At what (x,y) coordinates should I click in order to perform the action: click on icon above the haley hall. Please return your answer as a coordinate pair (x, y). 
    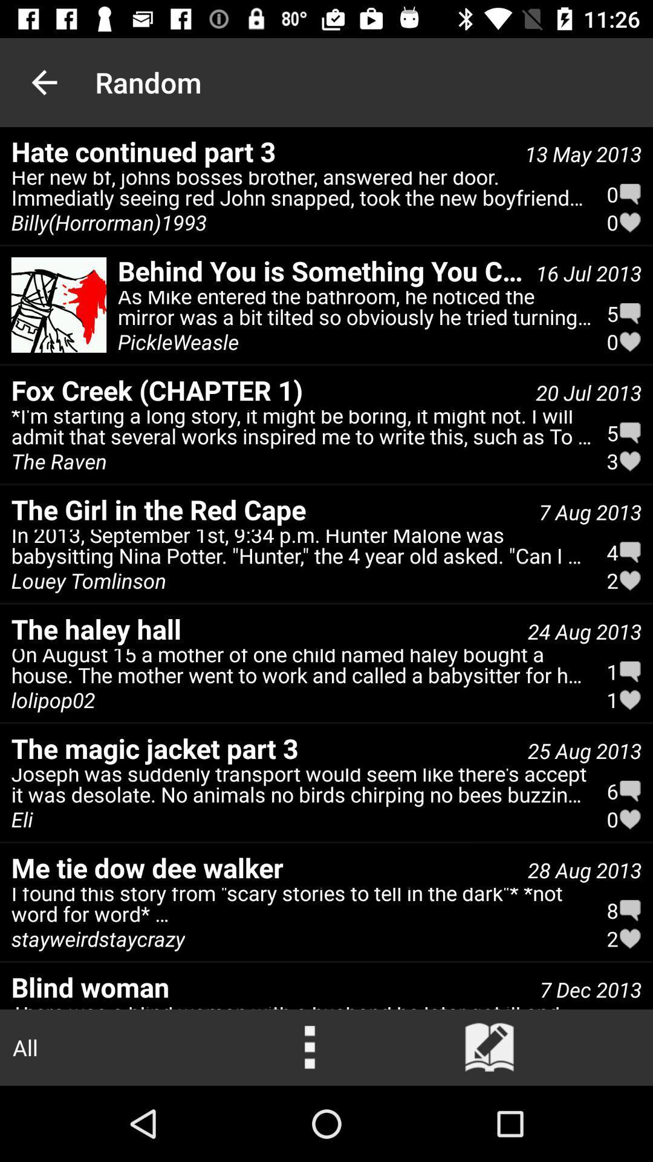
    Looking at the image, I should click on (301, 549).